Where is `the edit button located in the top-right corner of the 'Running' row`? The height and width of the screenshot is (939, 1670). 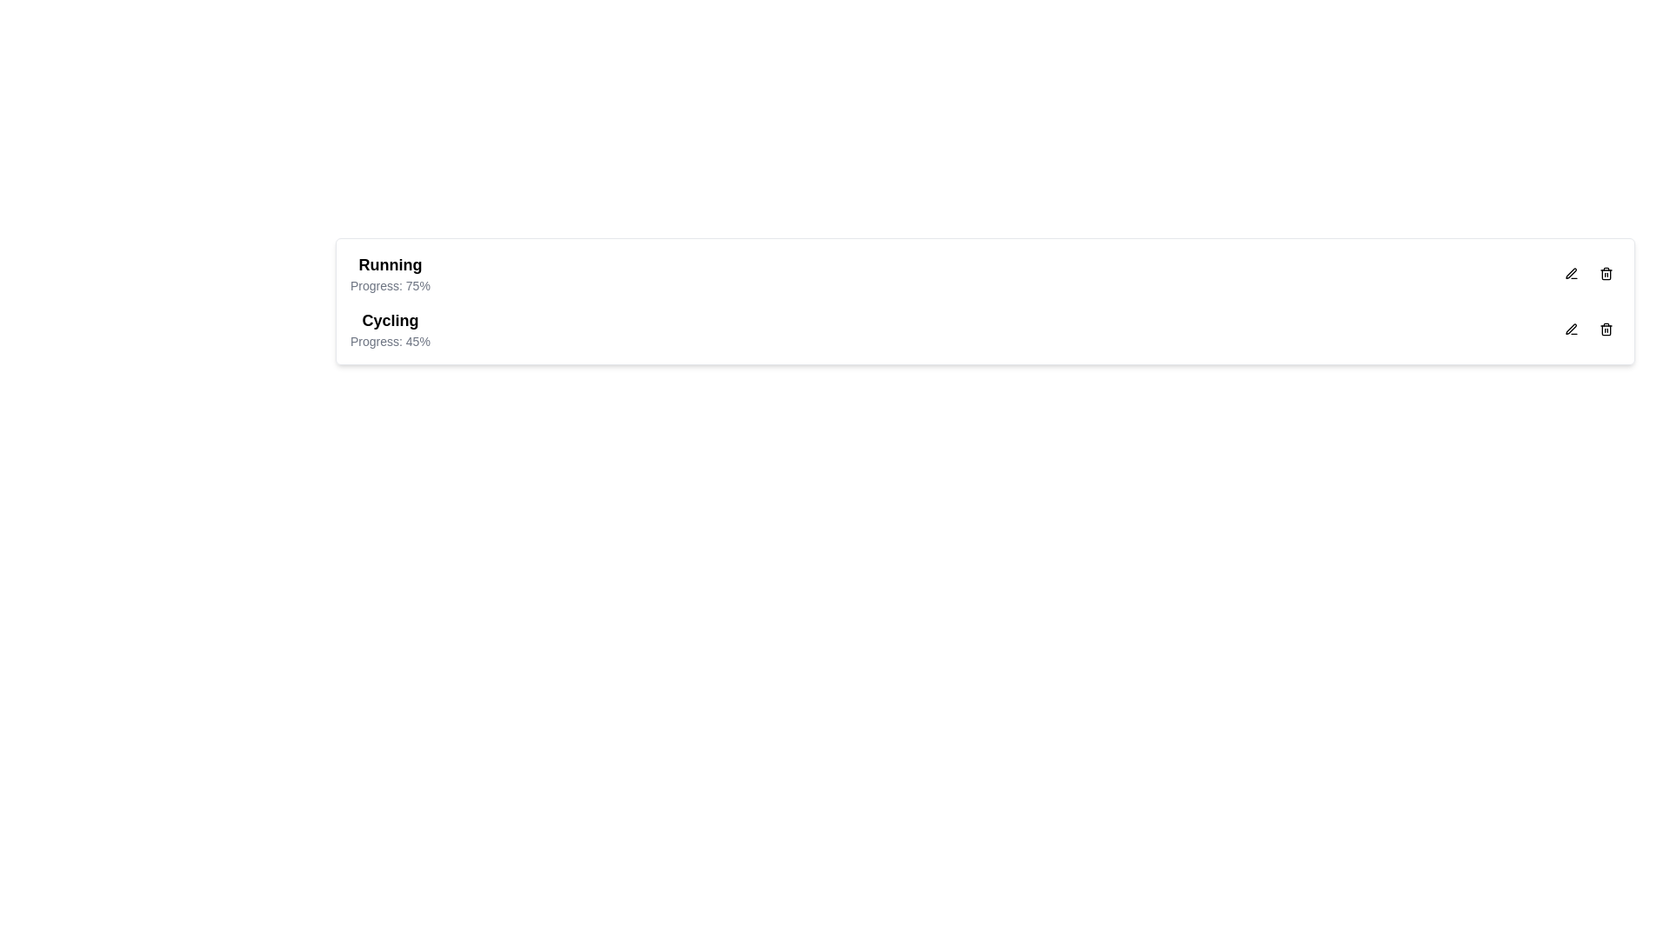
the edit button located in the top-right corner of the 'Running' row is located at coordinates (1571, 274).